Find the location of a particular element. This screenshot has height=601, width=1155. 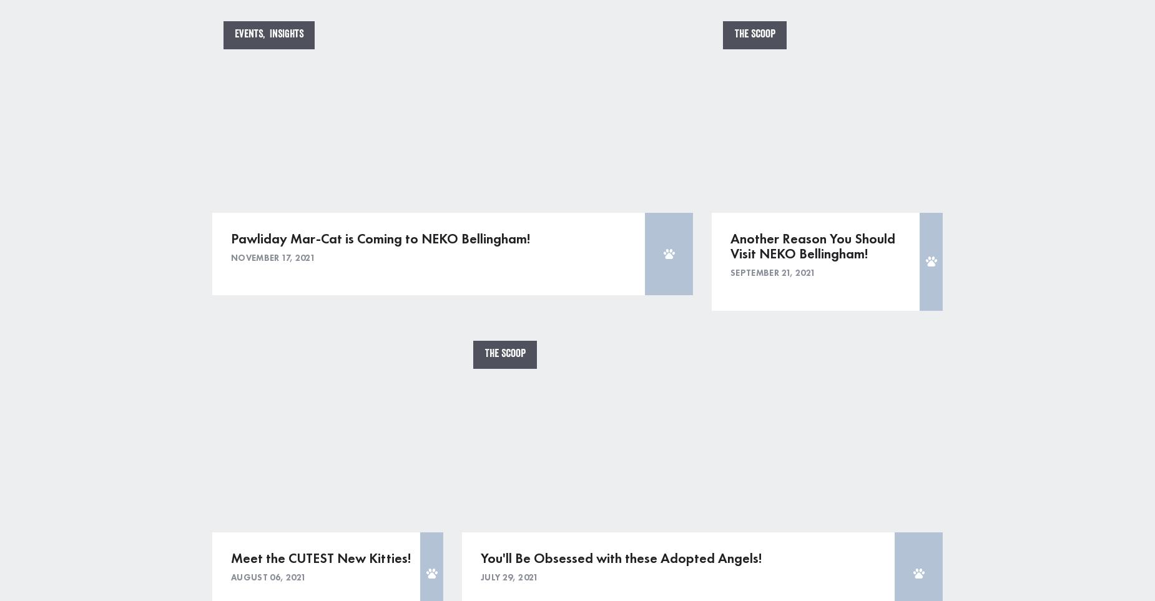

'August 06, 2021' is located at coordinates (267, 576).